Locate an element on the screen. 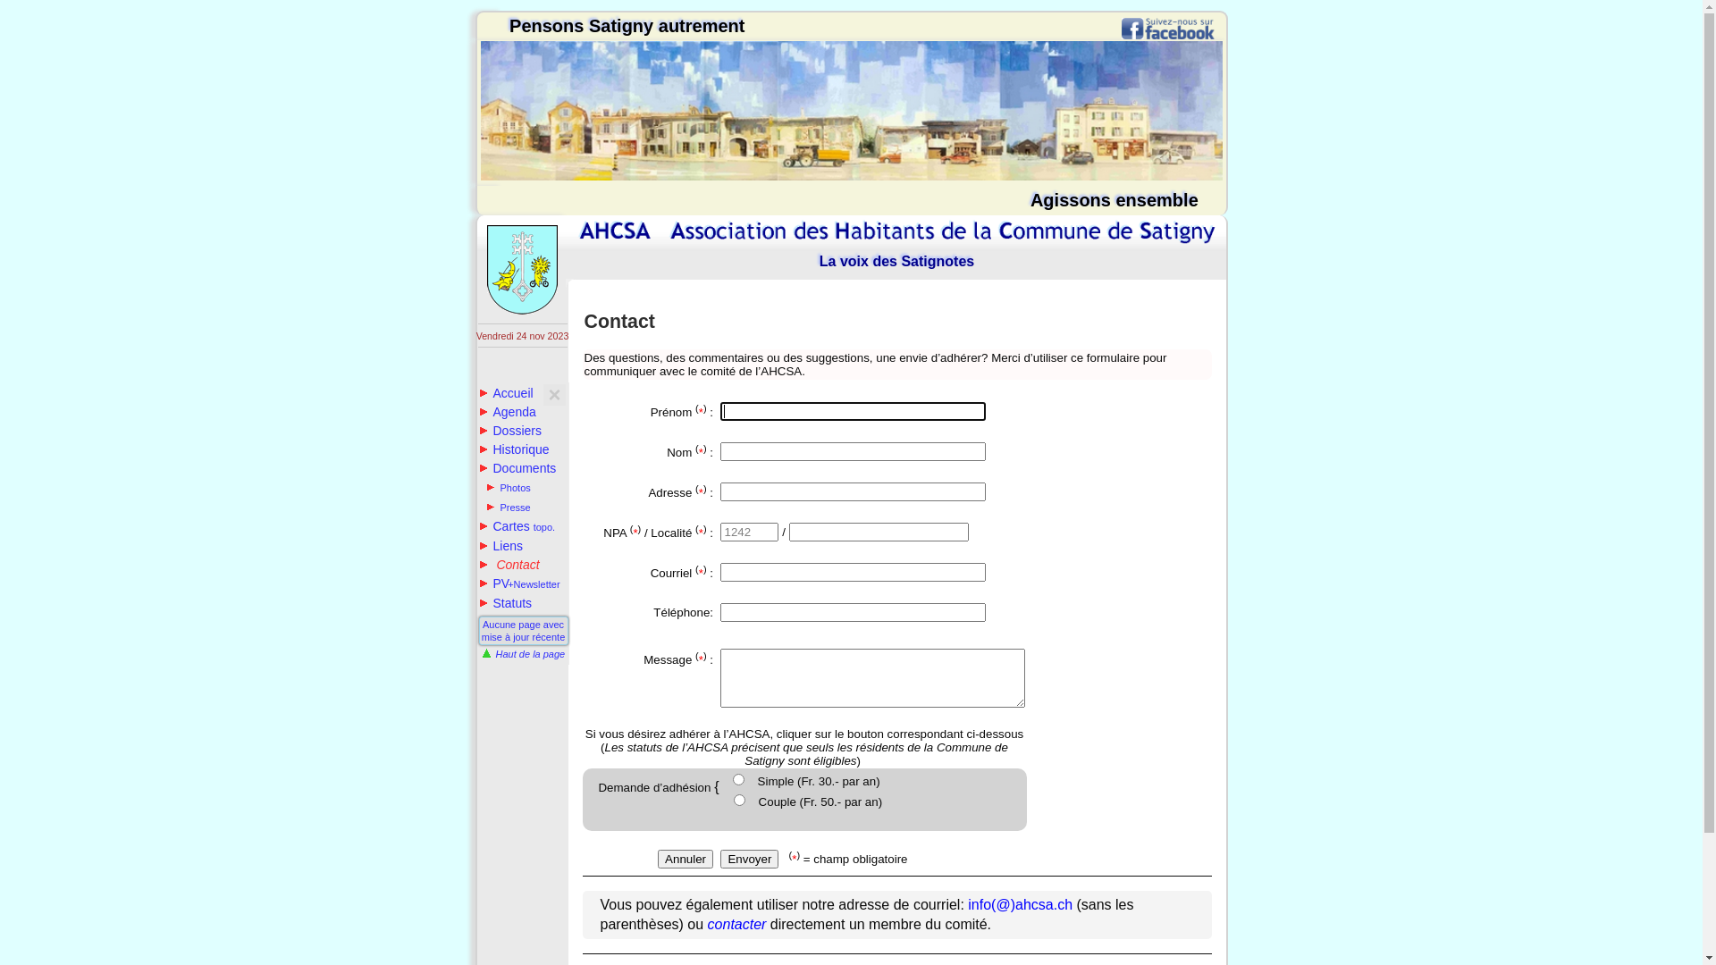 Image resolution: width=1716 pixels, height=965 pixels. 'Dossiers' is located at coordinates (509, 431).